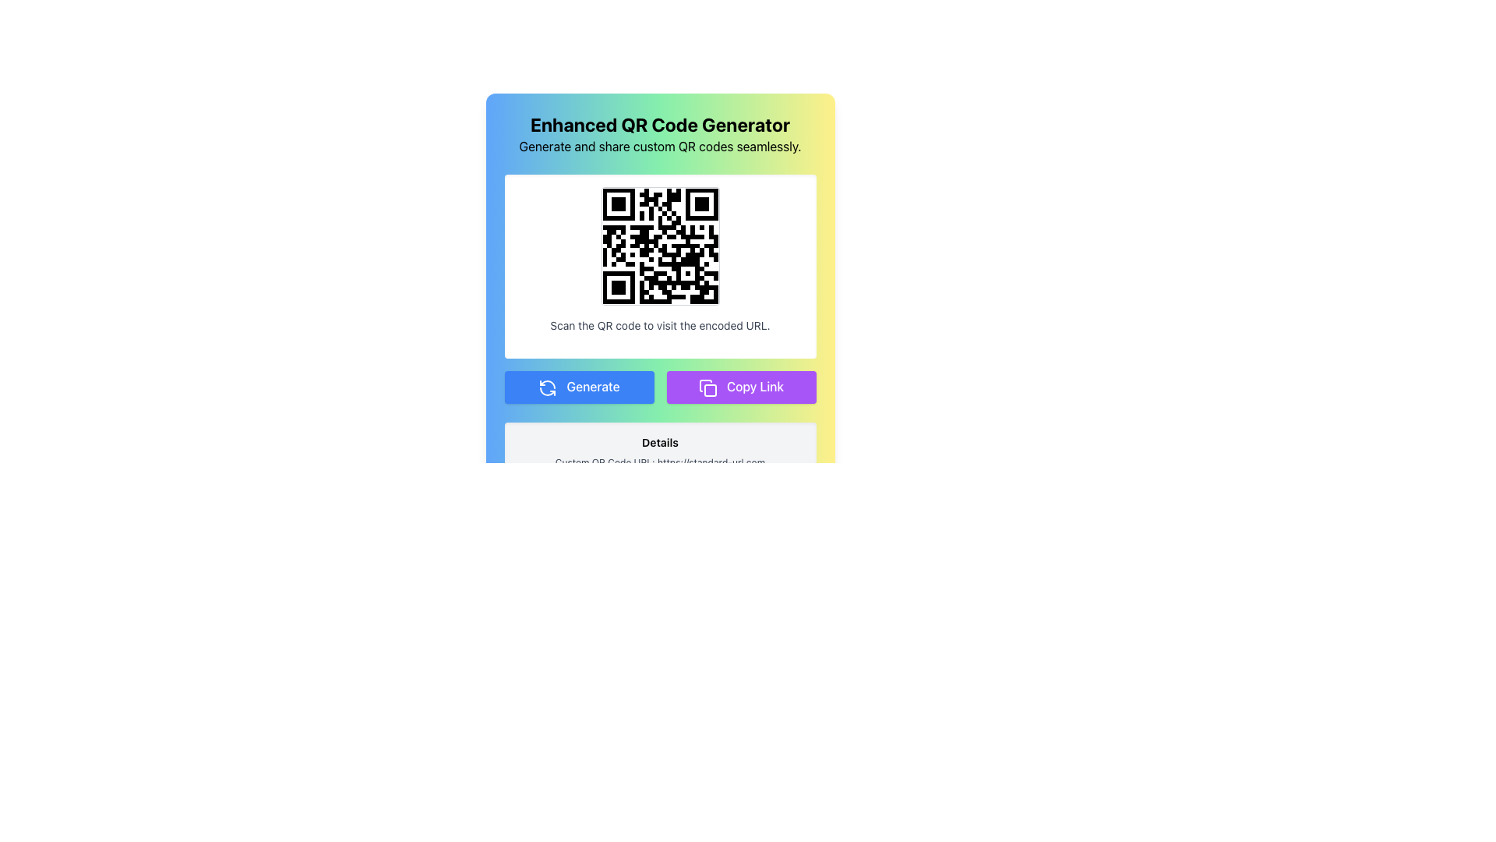 The image size is (1496, 842). I want to click on title text label located at the top center of the interface, which indicates the main purpose of the QR code generation application, so click(660, 123).